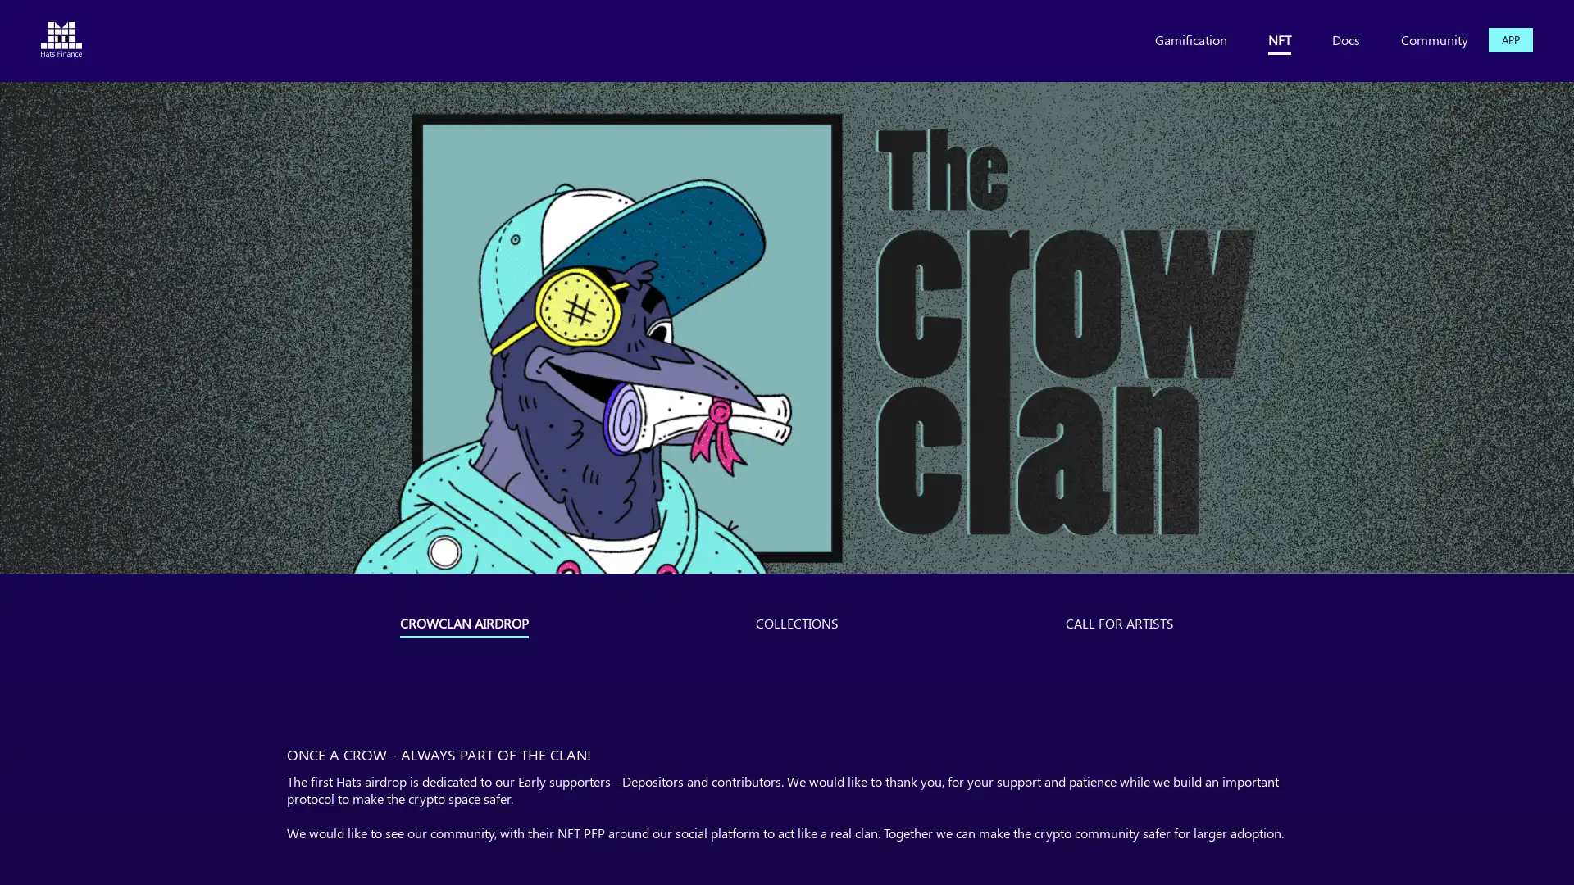 This screenshot has height=885, width=1574. What do you see at coordinates (1510, 38) in the screenshot?
I see `APP` at bounding box center [1510, 38].